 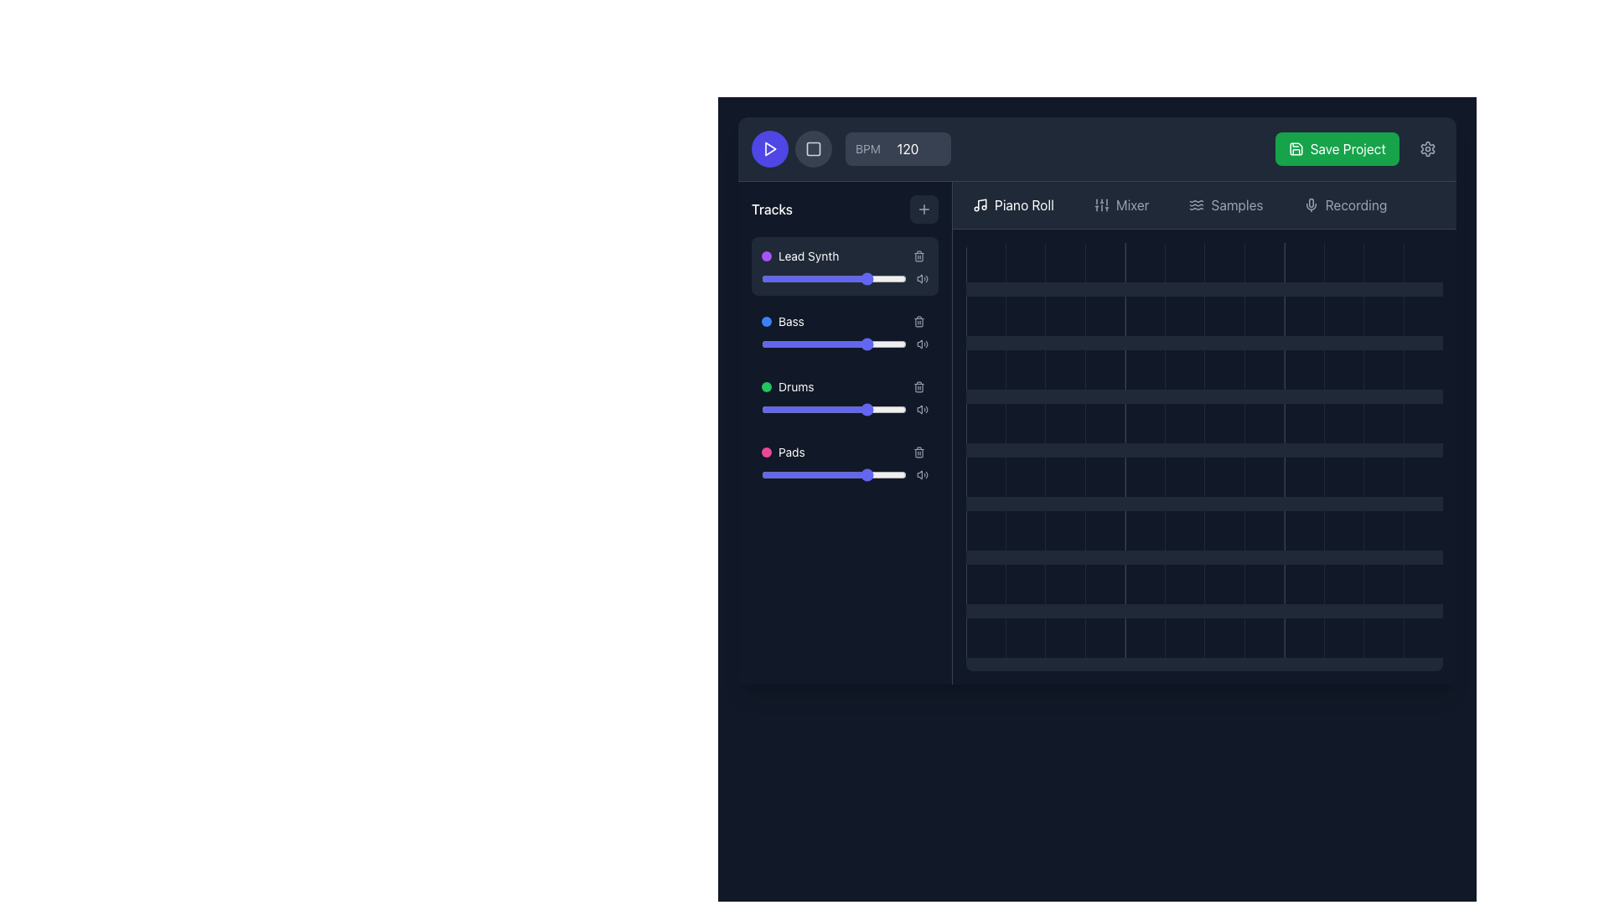 What do you see at coordinates (1384, 262) in the screenshot?
I see `the Square grid tile located in the fourth row and eleventh column of the grid layout, which serves as a placeholder or trigger for an action` at bounding box center [1384, 262].